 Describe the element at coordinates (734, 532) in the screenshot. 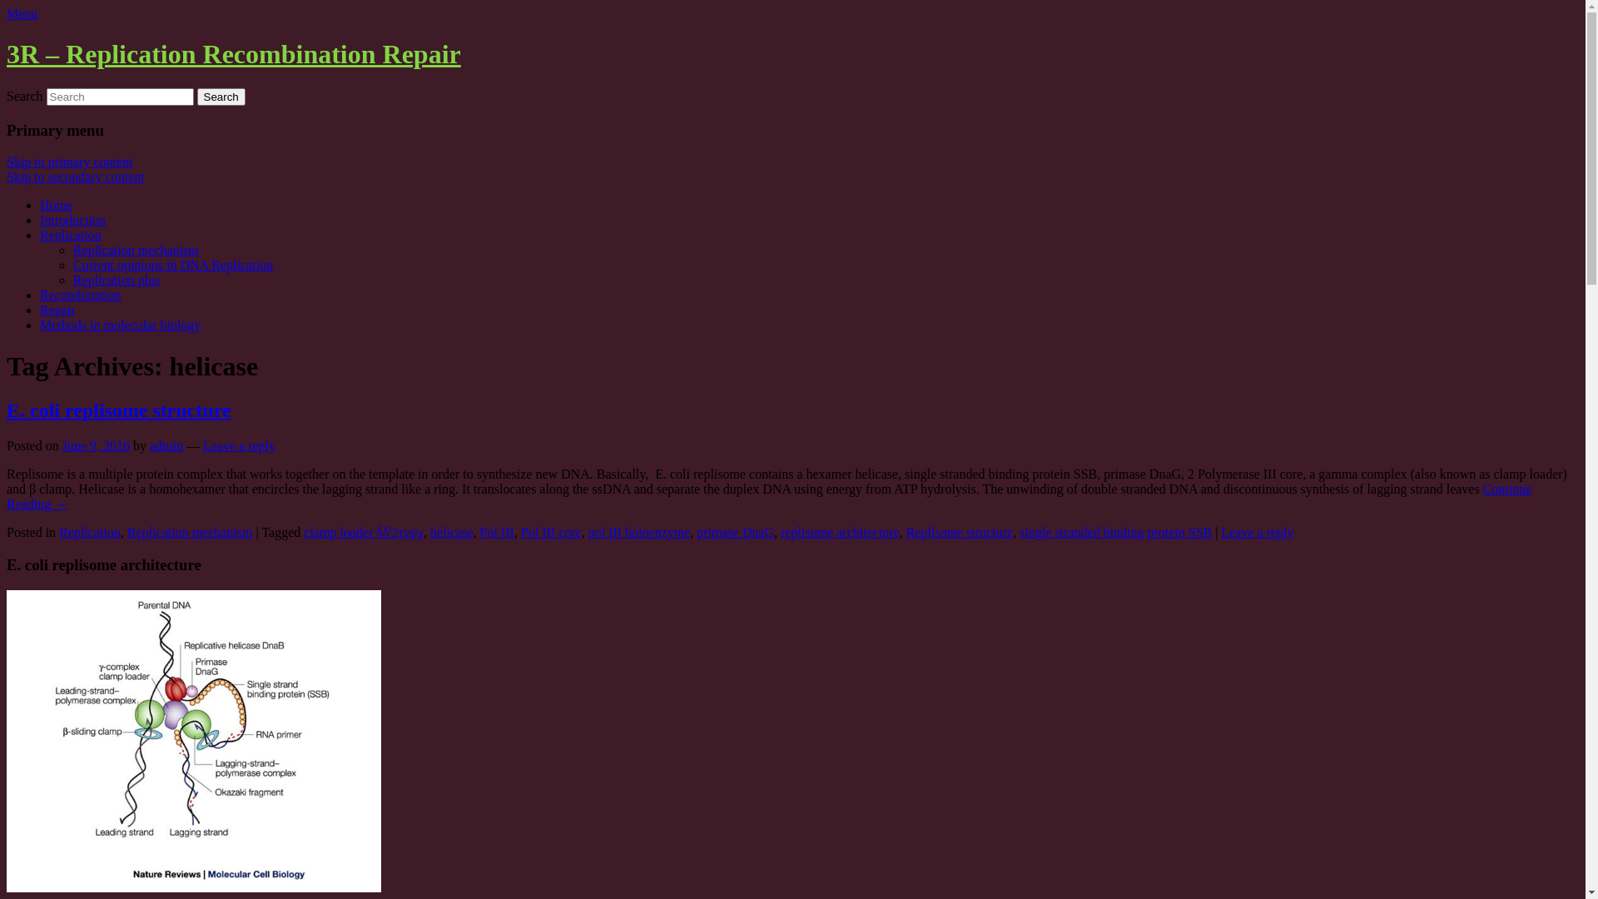

I see `'primase DnaG'` at that location.